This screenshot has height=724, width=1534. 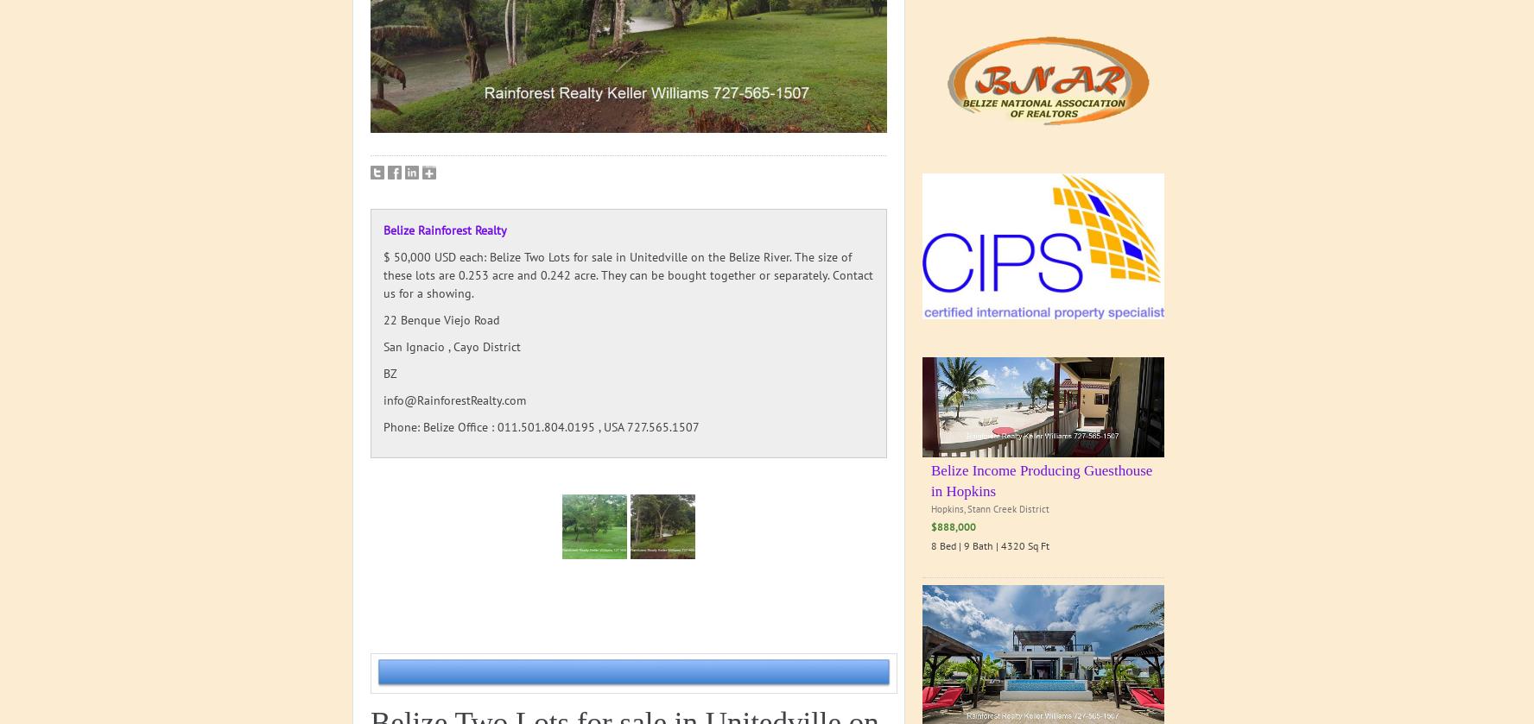 I want to click on 'Hopkins, Stann Creek District', so click(x=990, y=507).